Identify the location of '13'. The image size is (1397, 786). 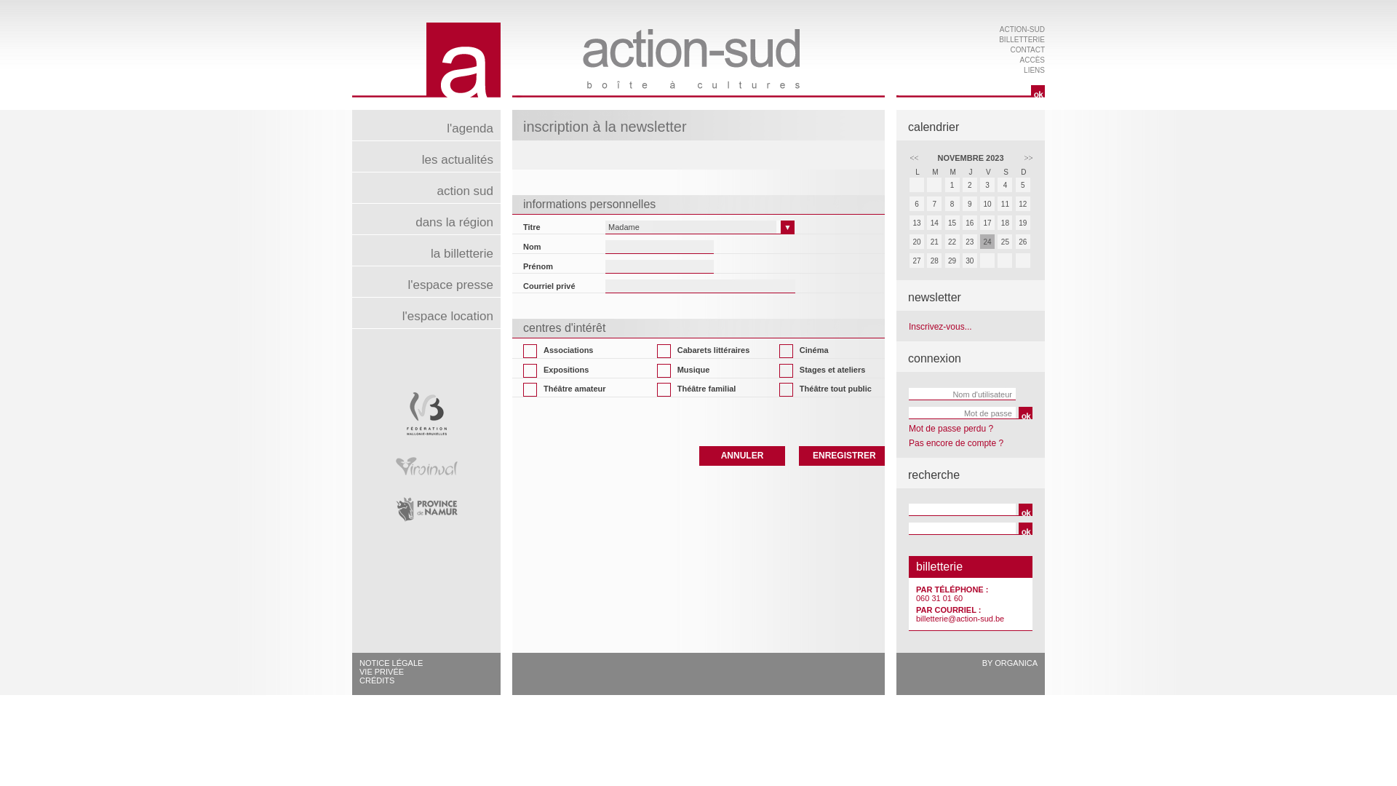
(917, 224).